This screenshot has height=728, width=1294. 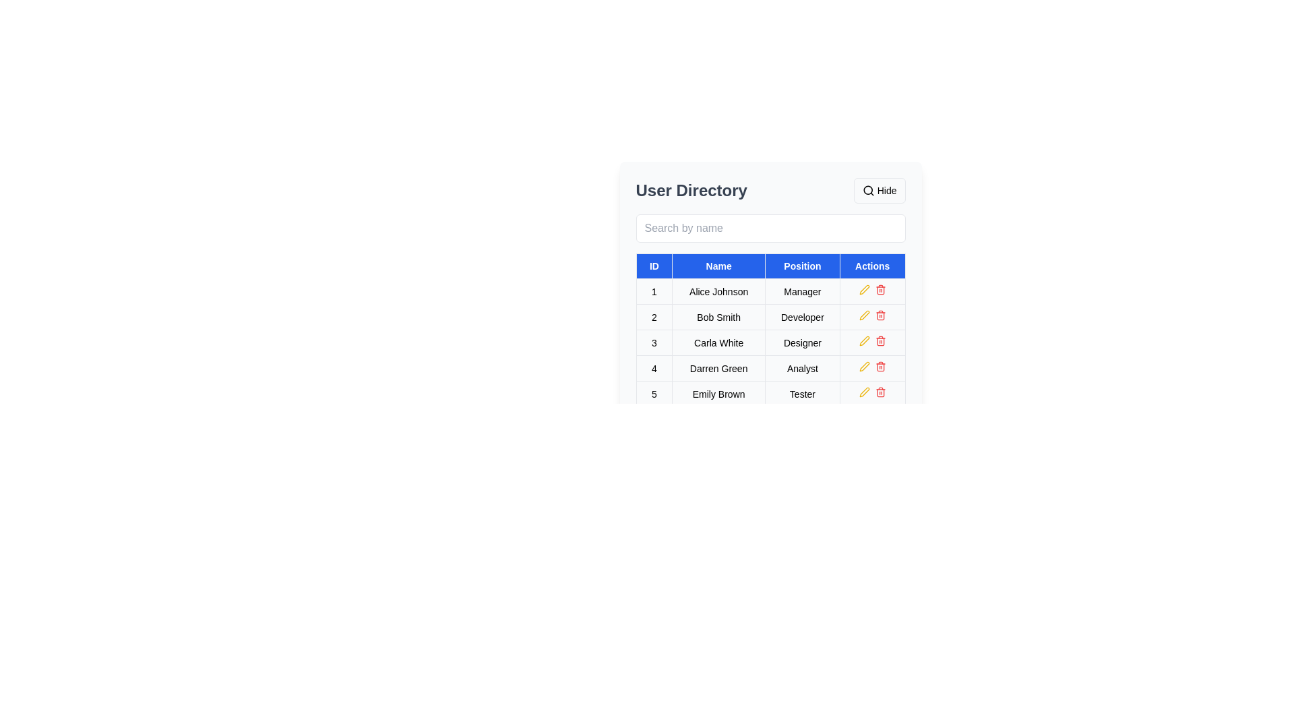 I want to click on the table header cell with a blue background and white text displaying 'ID', which is the first cell in the table header row, so click(x=654, y=266).